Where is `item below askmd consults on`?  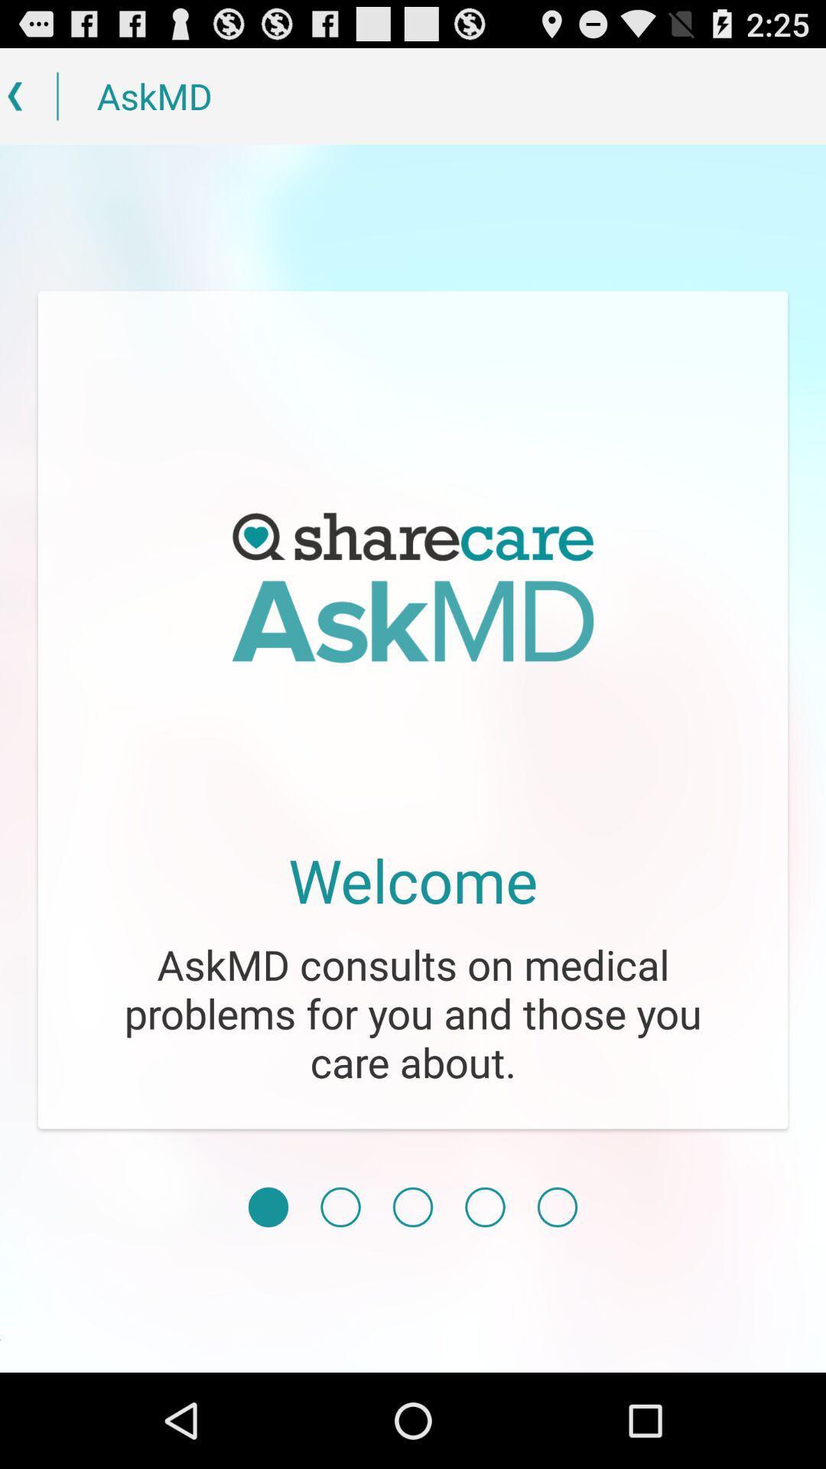 item below askmd consults on is located at coordinates (268, 1207).